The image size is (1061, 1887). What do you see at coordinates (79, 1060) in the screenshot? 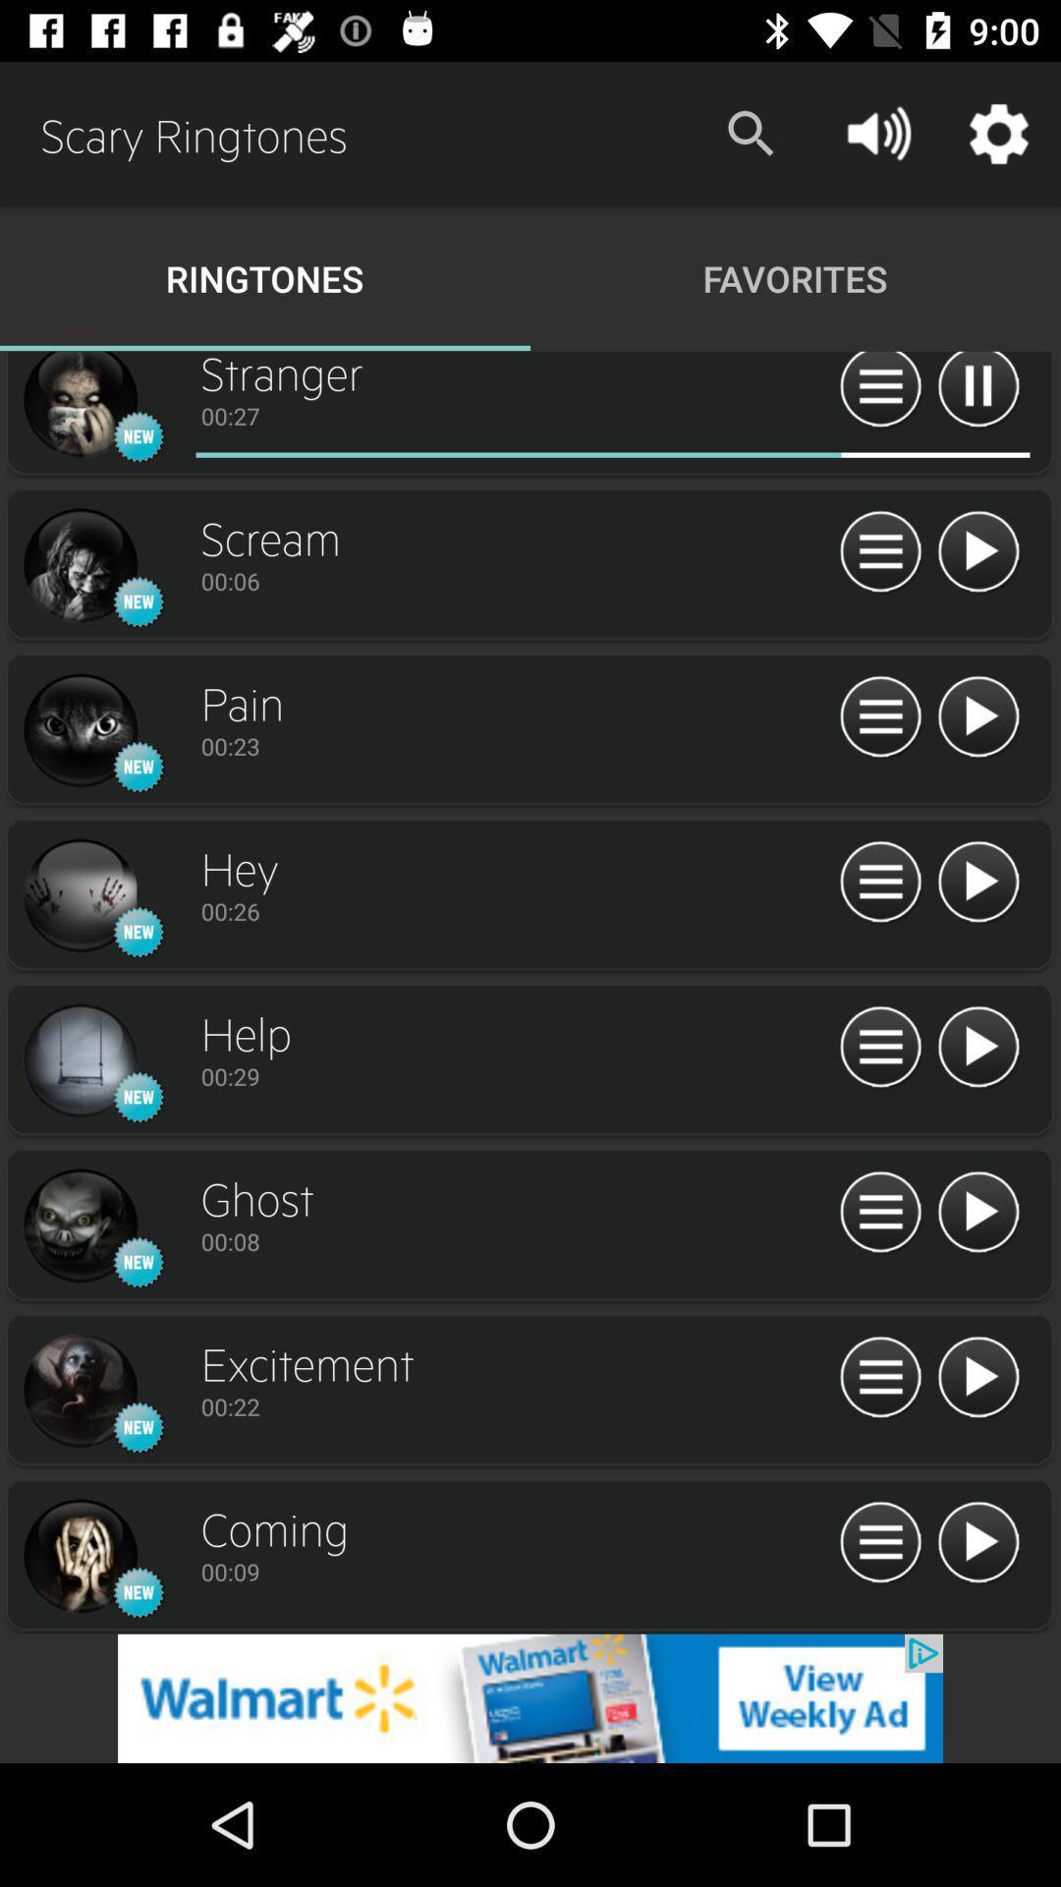
I see `the rington` at bounding box center [79, 1060].